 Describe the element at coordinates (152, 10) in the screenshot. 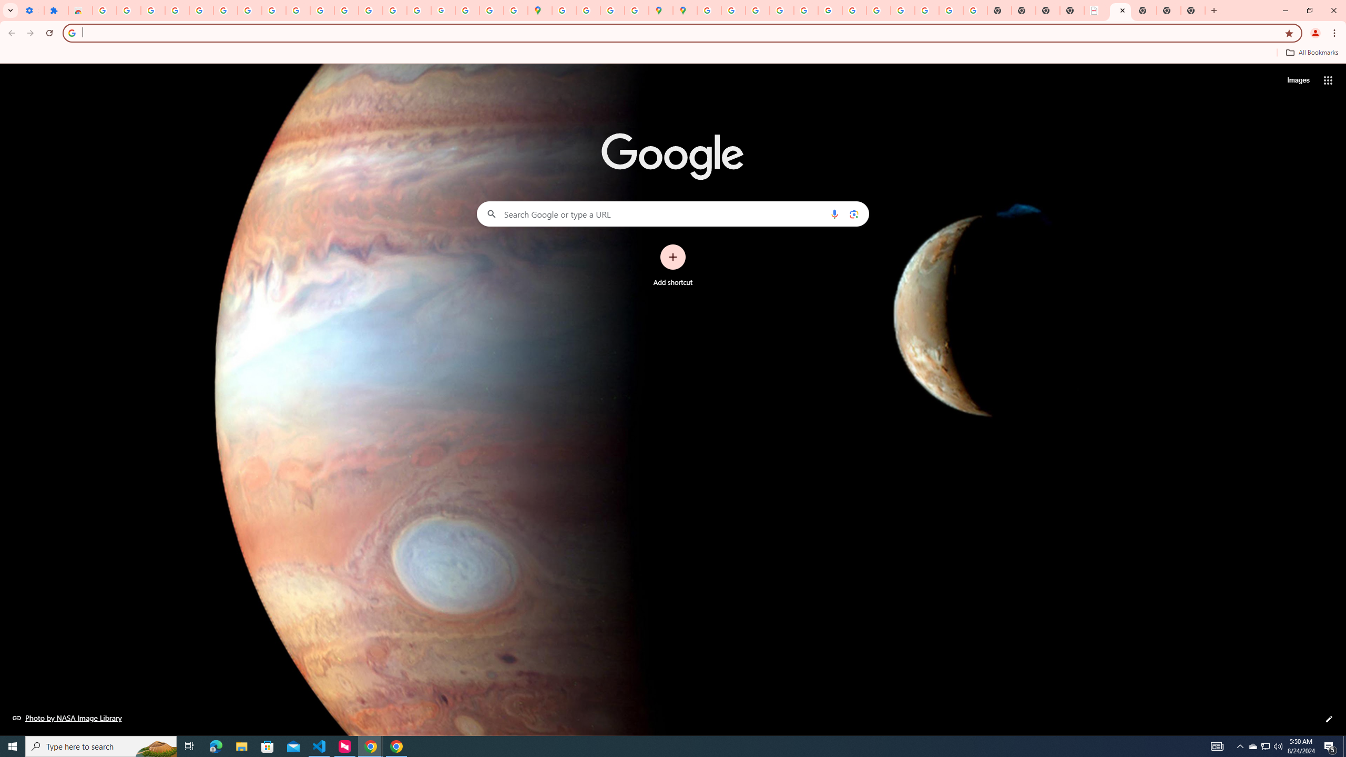

I see `'Delete photos & videos - Computer - Google Photos Help'` at that location.